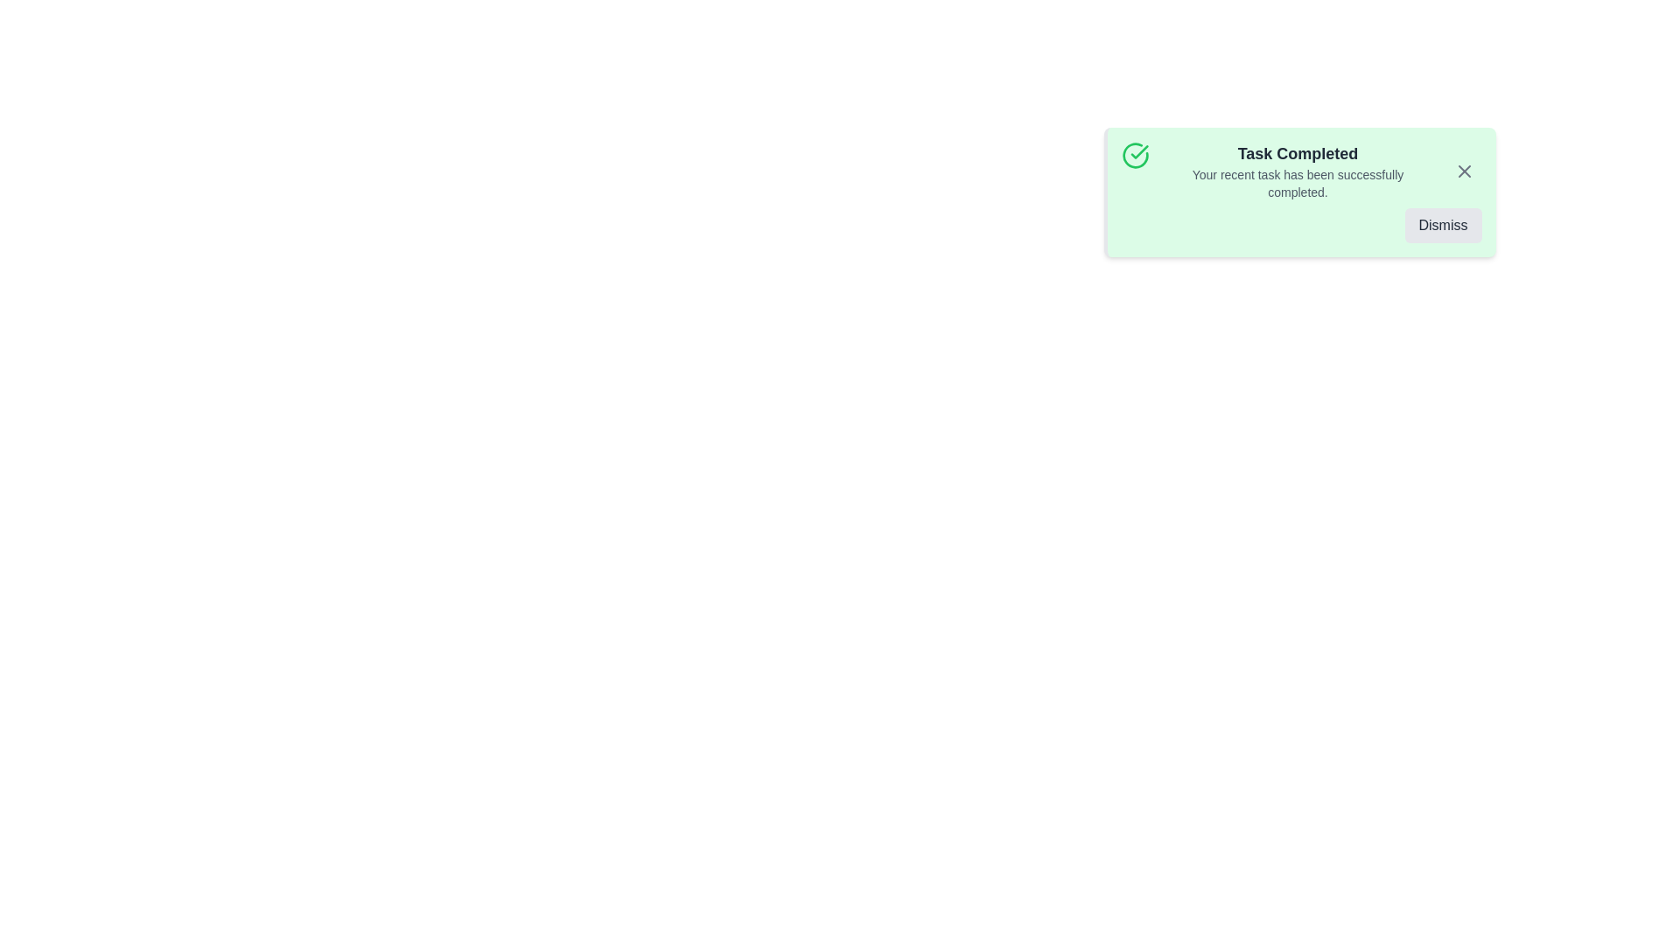  I want to click on the task completion icon located to the left of the 'Task Completed' text in the green notification banner, so click(1135, 154).